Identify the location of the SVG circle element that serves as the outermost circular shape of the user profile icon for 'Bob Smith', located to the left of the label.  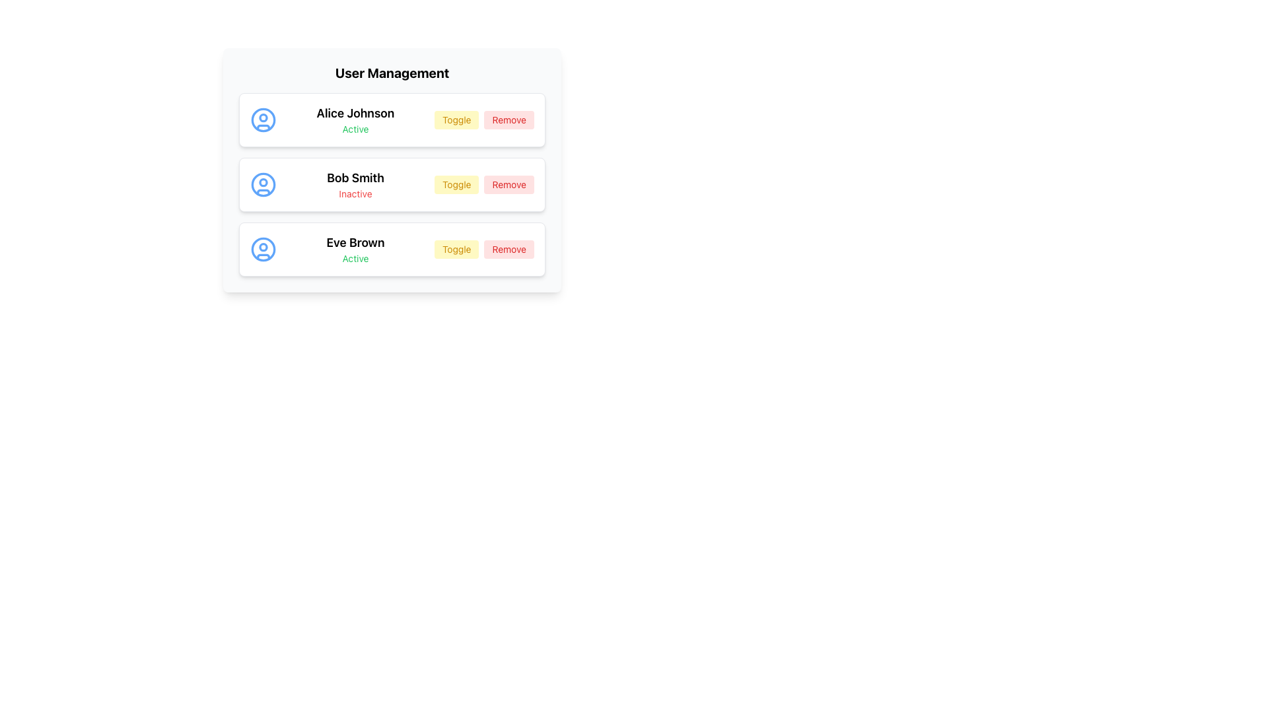
(263, 185).